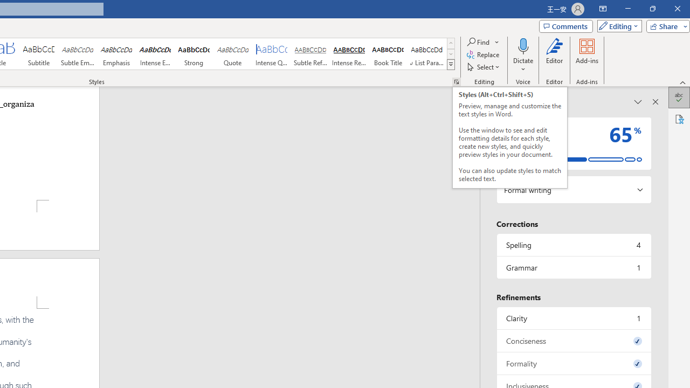  I want to click on 'Ribbon Display Options', so click(602, 9).